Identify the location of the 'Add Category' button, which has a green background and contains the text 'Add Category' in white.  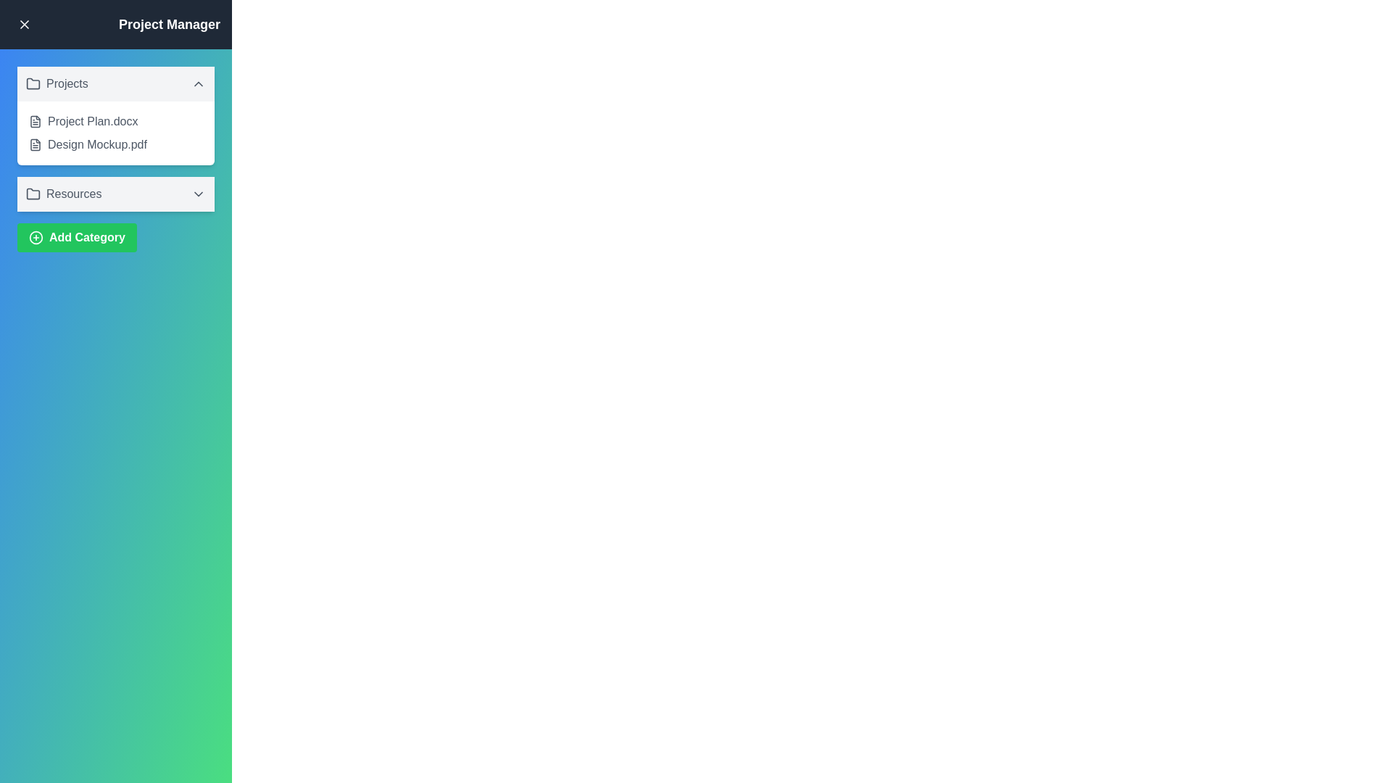
(76, 236).